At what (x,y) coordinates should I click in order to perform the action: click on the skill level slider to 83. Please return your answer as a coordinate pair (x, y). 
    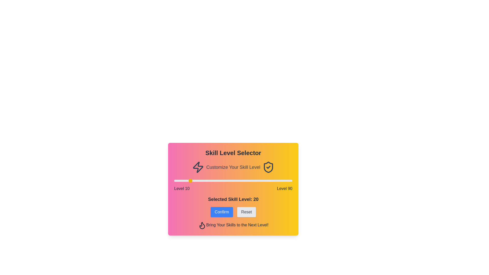
    Looking at the image, I should click on (282, 180).